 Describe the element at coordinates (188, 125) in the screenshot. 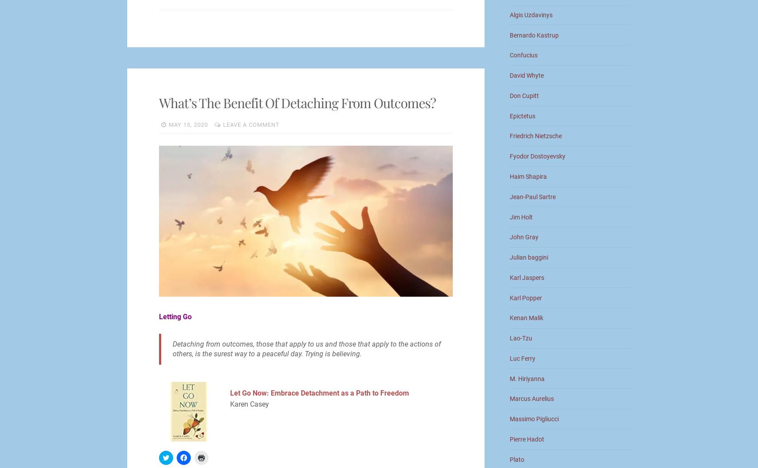

I see `'May 15, 2020'` at that location.